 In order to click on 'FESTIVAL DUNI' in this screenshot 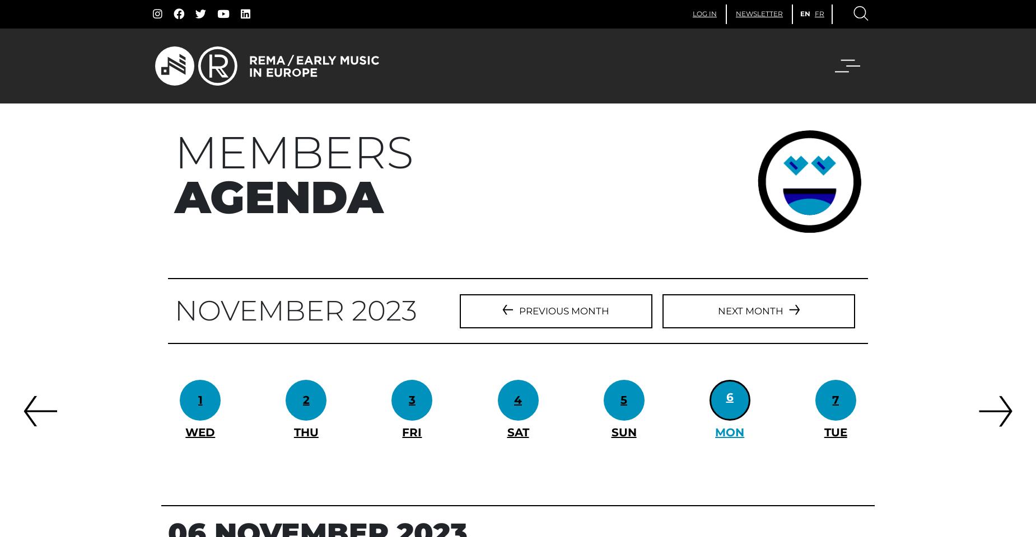, I will do `click(535, 404)`.